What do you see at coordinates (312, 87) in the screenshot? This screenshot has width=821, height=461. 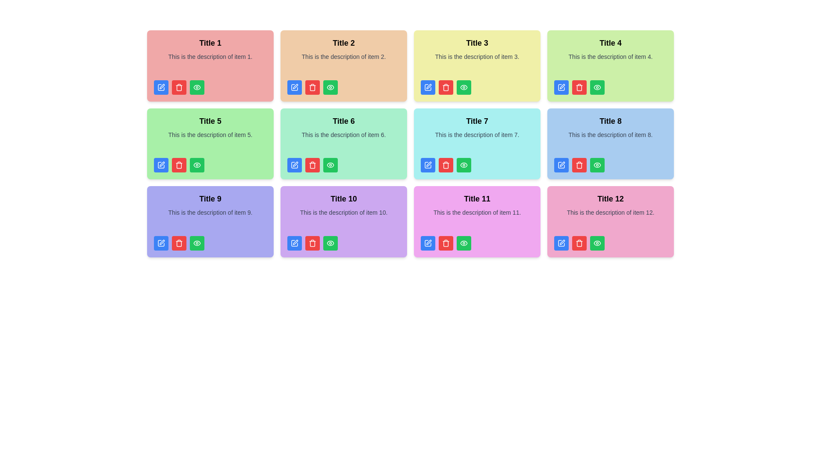 I see `the square-shaped button with a red background and white trash can icon located under the panel titled 'Title 2'` at bounding box center [312, 87].